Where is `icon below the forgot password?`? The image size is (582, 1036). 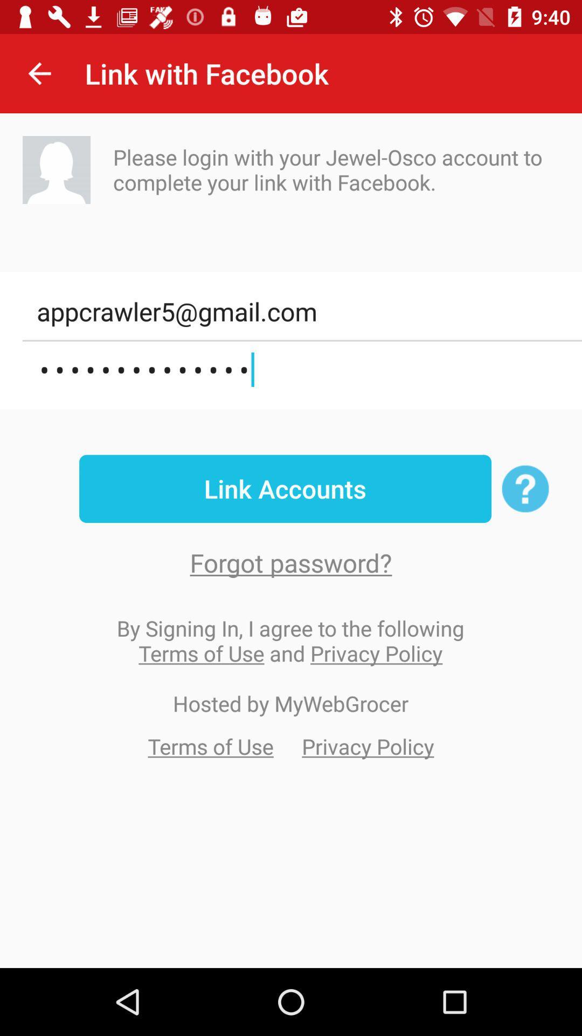
icon below the forgot password? is located at coordinates (290, 640).